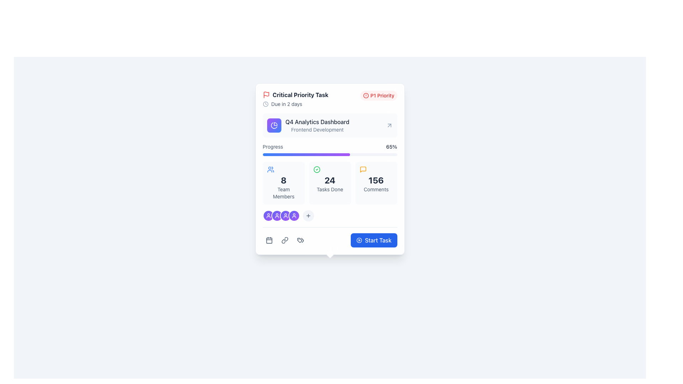 The height and width of the screenshot is (384, 683). I want to click on the Text label that indicates the percentage represents progress, located to the left of the '65%' text in a horizontal layout below the header section, so click(272, 146).